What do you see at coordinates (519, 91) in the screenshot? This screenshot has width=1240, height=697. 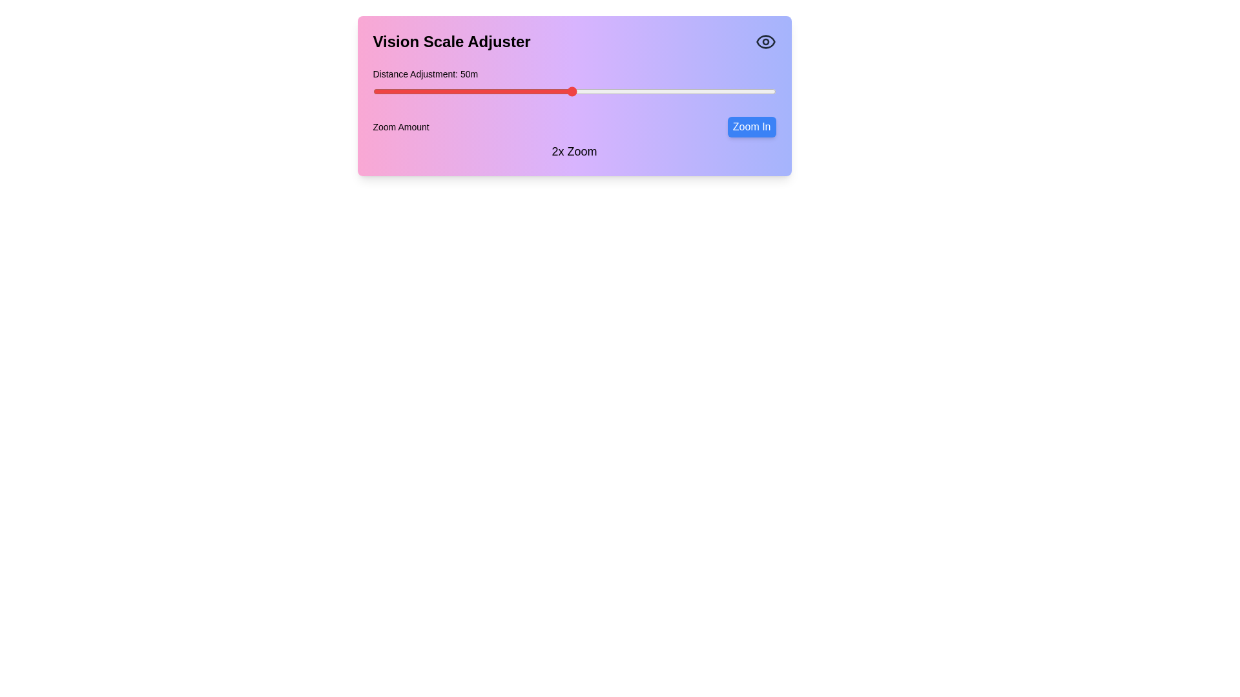 I see `the distance adjustment` at bounding box center [519, 91].